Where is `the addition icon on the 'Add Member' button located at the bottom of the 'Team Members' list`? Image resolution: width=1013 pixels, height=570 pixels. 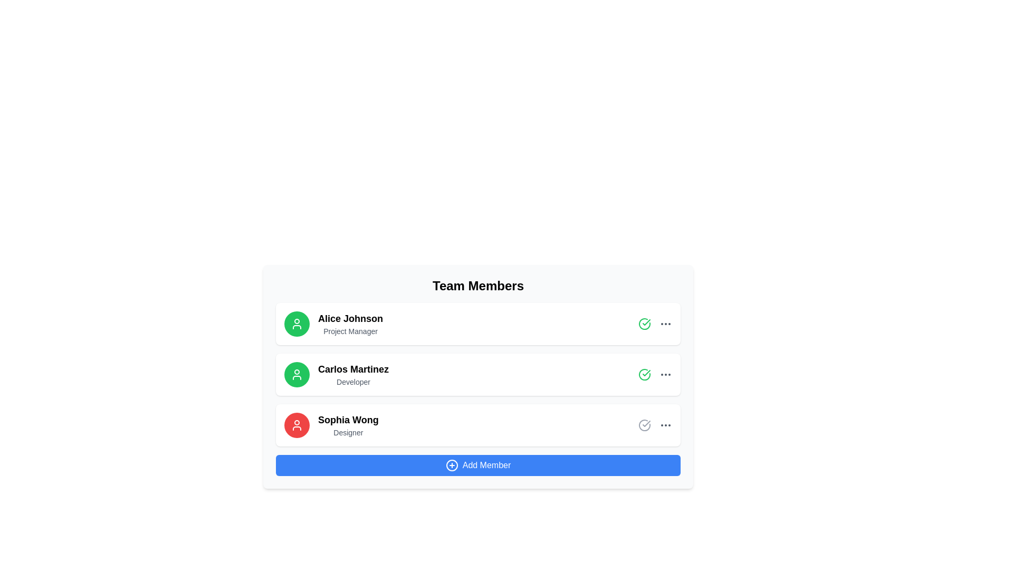
the addition icon on the 'Add Member' button located at the bottom of the 'Team Members' list is located at coordinates (452, 465).